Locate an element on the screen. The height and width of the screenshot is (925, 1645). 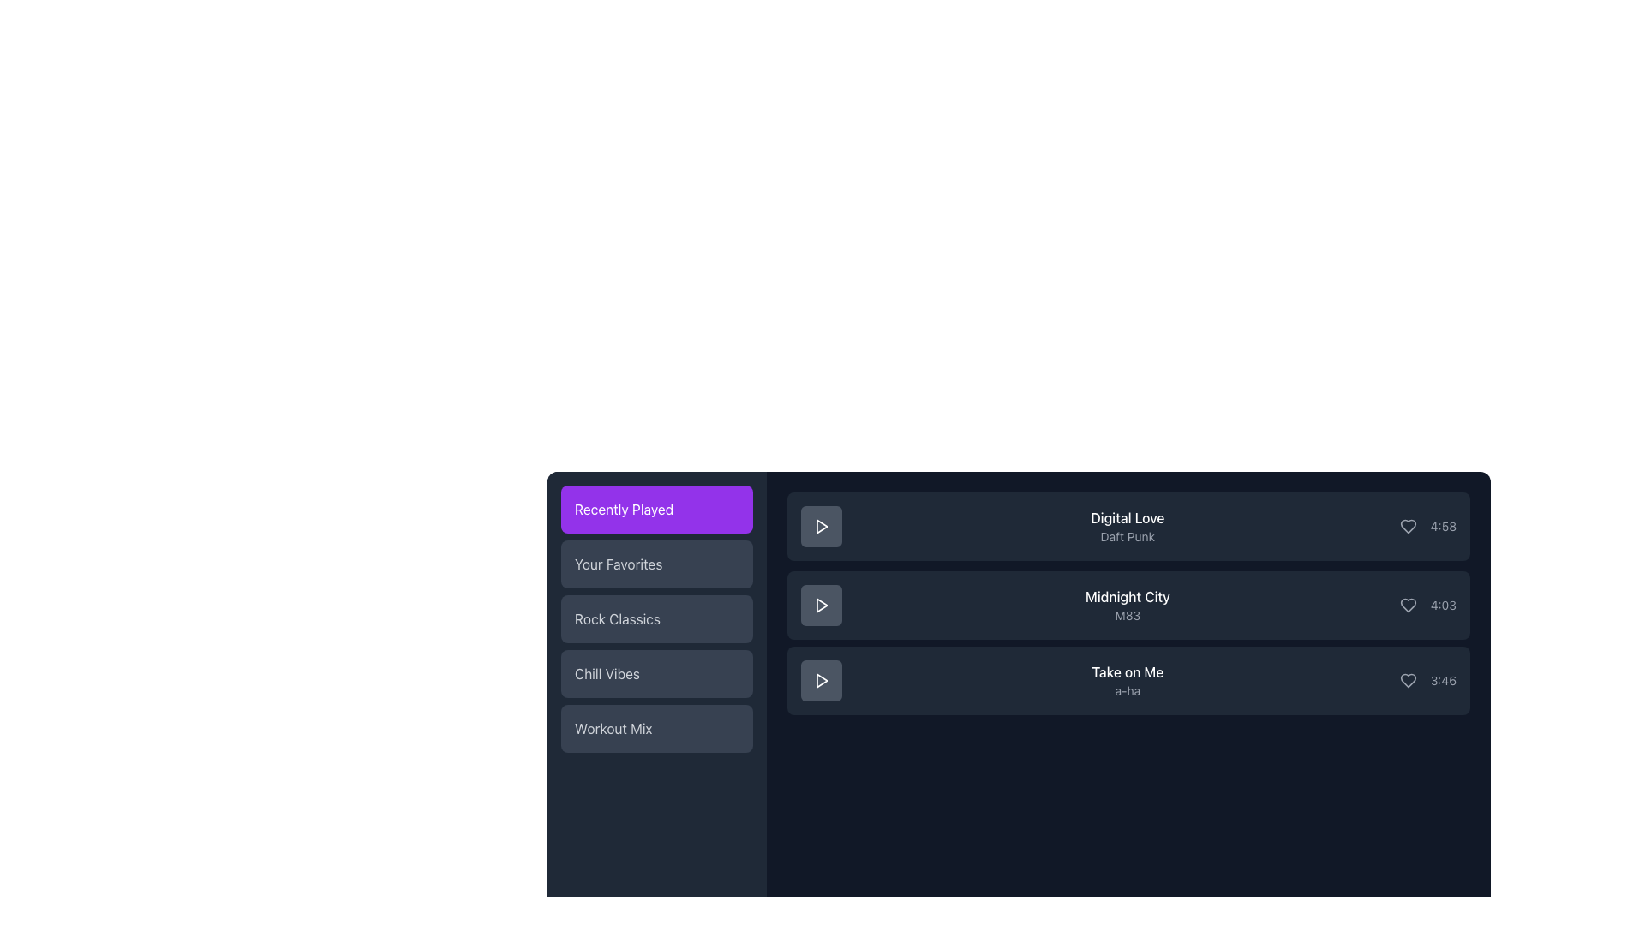
the 'Recently Played' button, which is a purple button with rounded corners located in the left sidebar of the interface is located at coordinates (656, 508).